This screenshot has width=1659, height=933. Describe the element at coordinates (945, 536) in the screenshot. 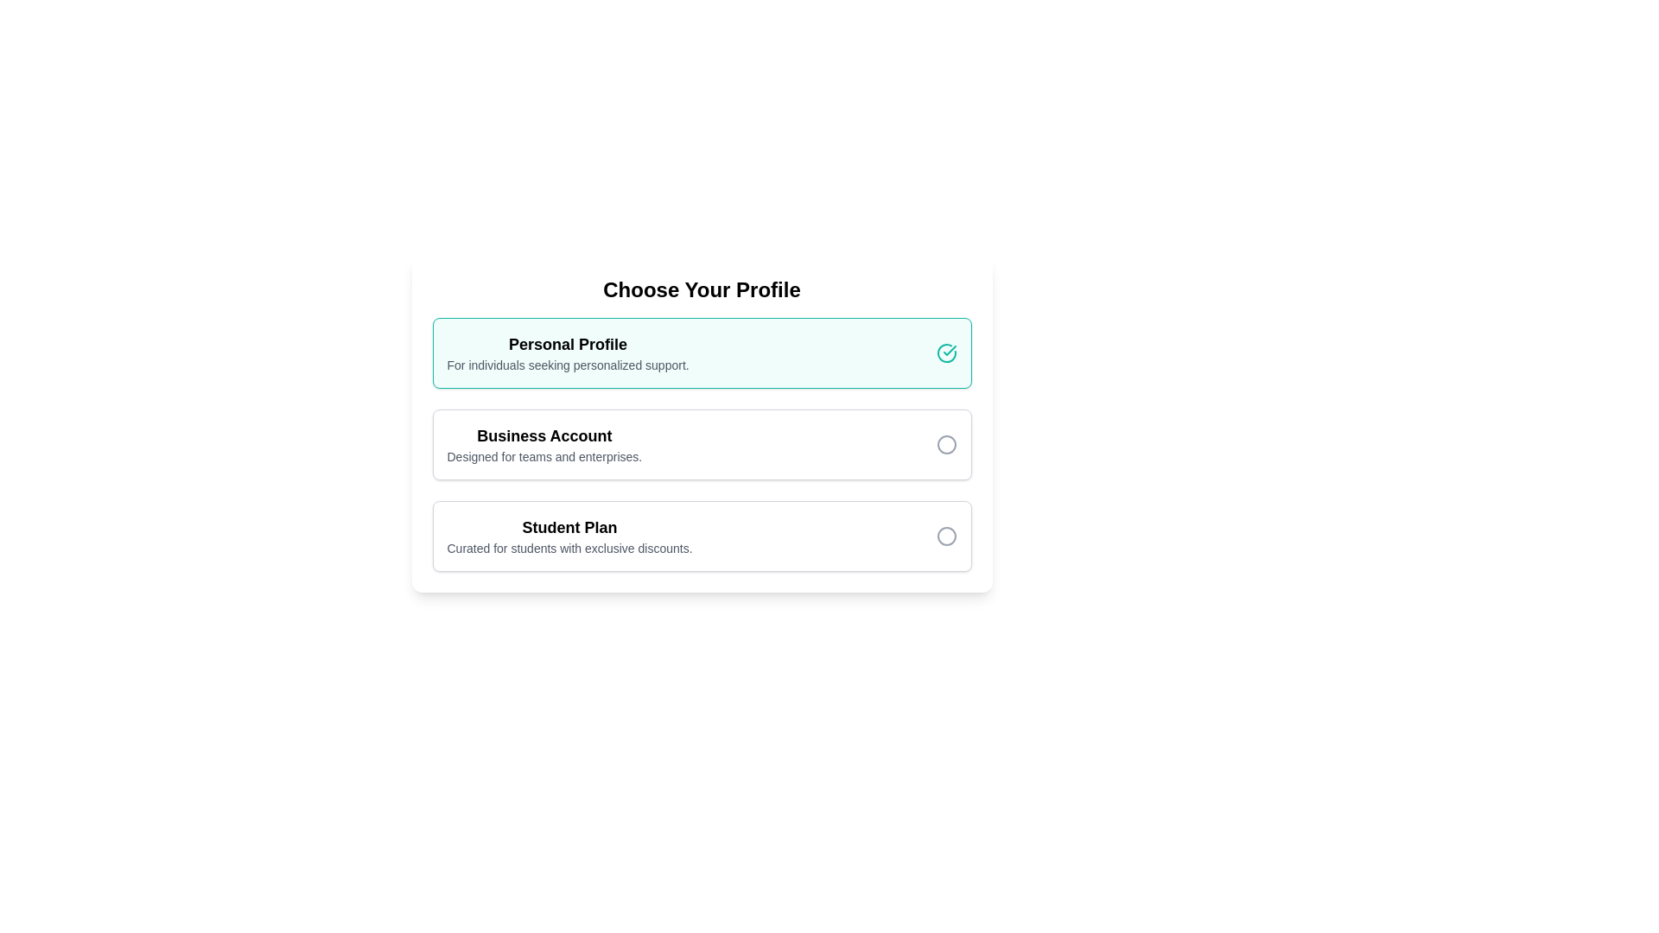

I see `the inactive circular icon at the far right end of the 'Student Plan' option in the card layout to highlight it` at that location.